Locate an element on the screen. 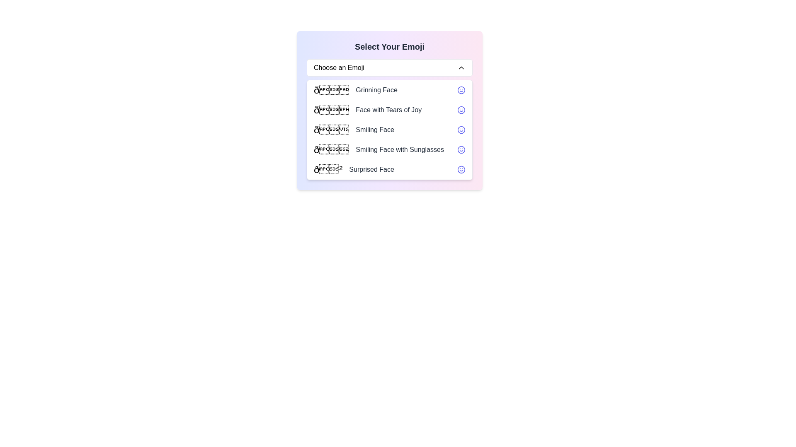  the dropdown menu option labeled 'Face with Tears of Joy' is located at coordinates (389, 110).